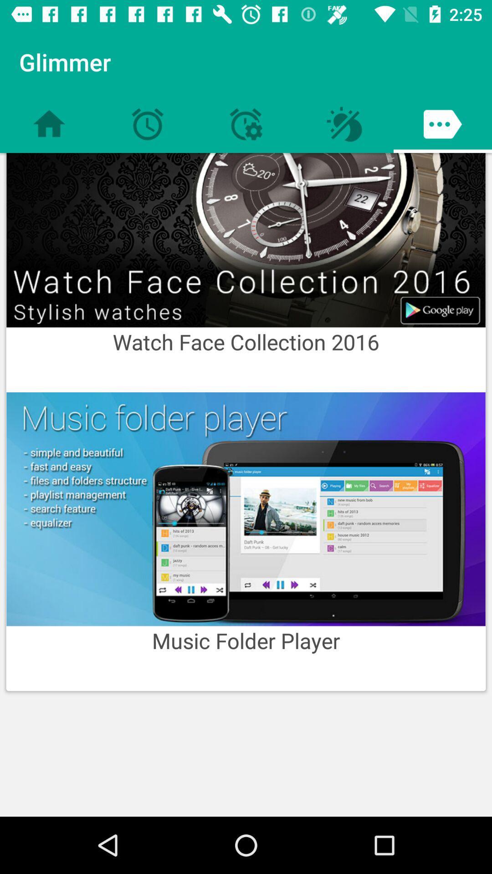 Image resolution: width=492 pixels, height=874 pixels. What do you see at coordinates (246, 508) in the screenshot?
I see `description` at bounding box center [246, 508].